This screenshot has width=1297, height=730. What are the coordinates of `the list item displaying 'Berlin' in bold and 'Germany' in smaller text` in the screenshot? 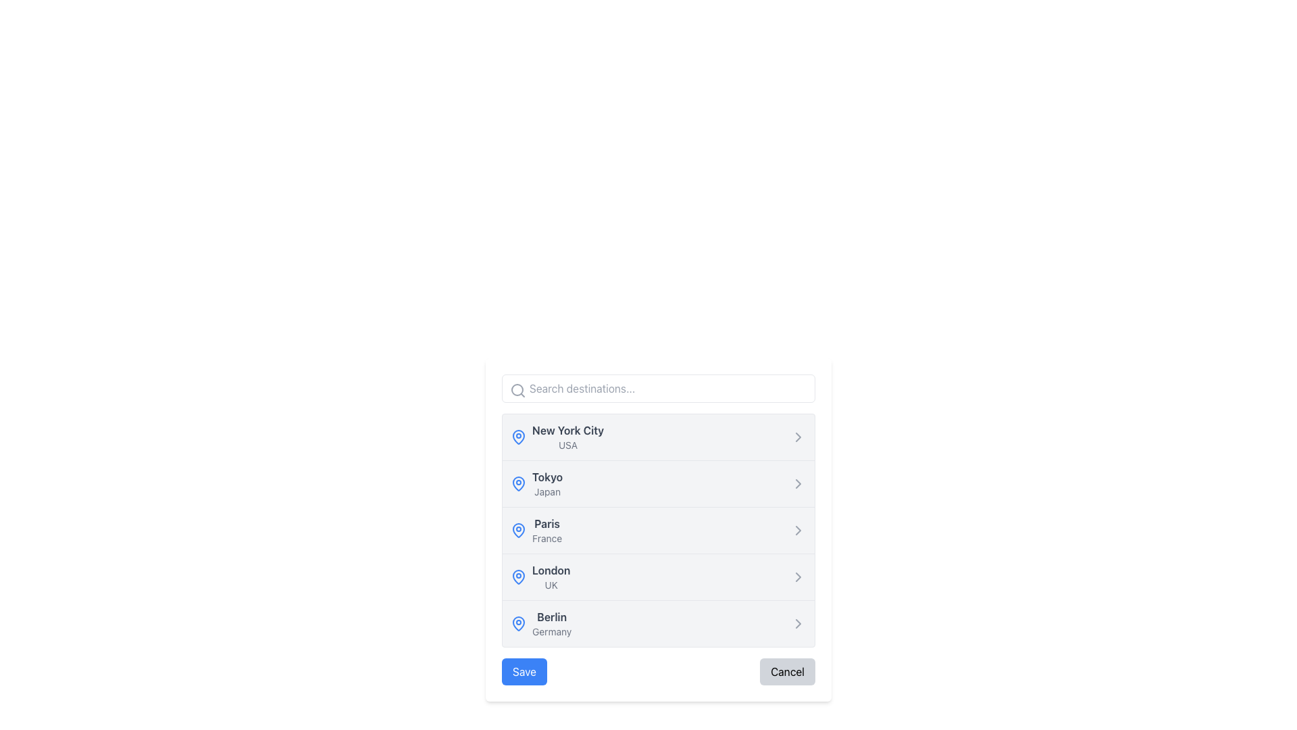 It's located at (551, 623).